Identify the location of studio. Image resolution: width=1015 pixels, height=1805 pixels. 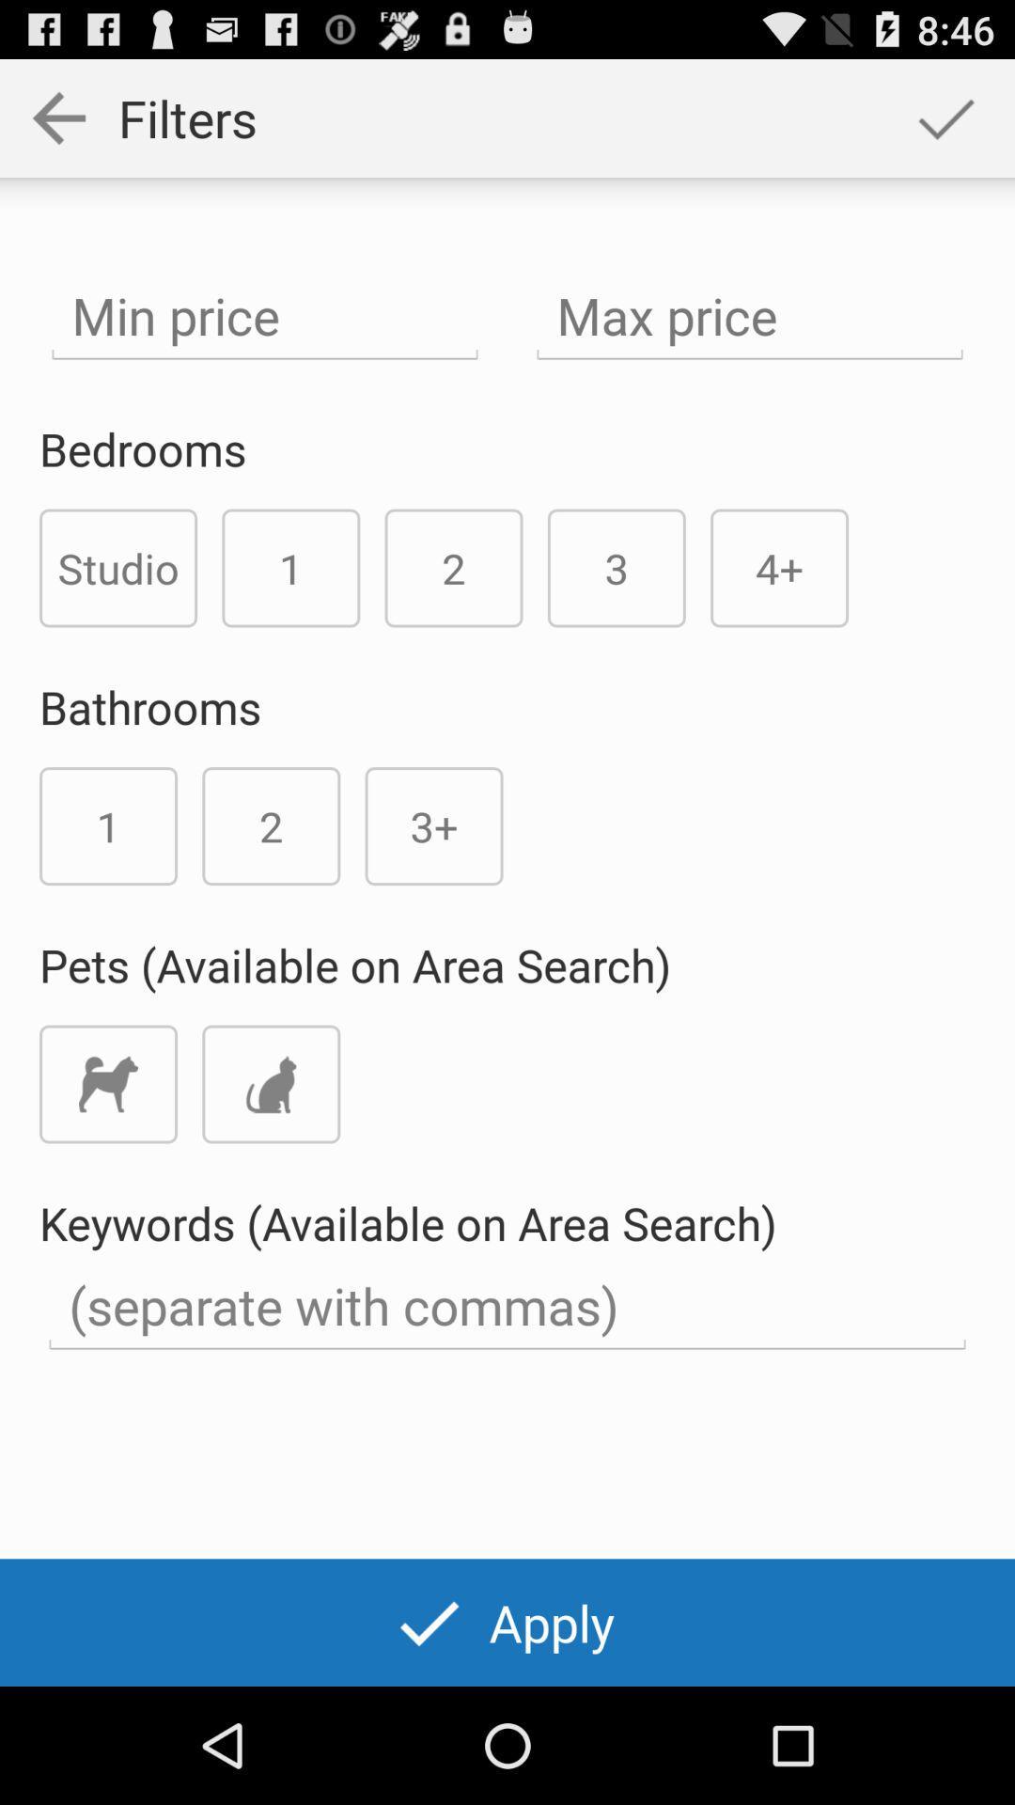
(118, 567).